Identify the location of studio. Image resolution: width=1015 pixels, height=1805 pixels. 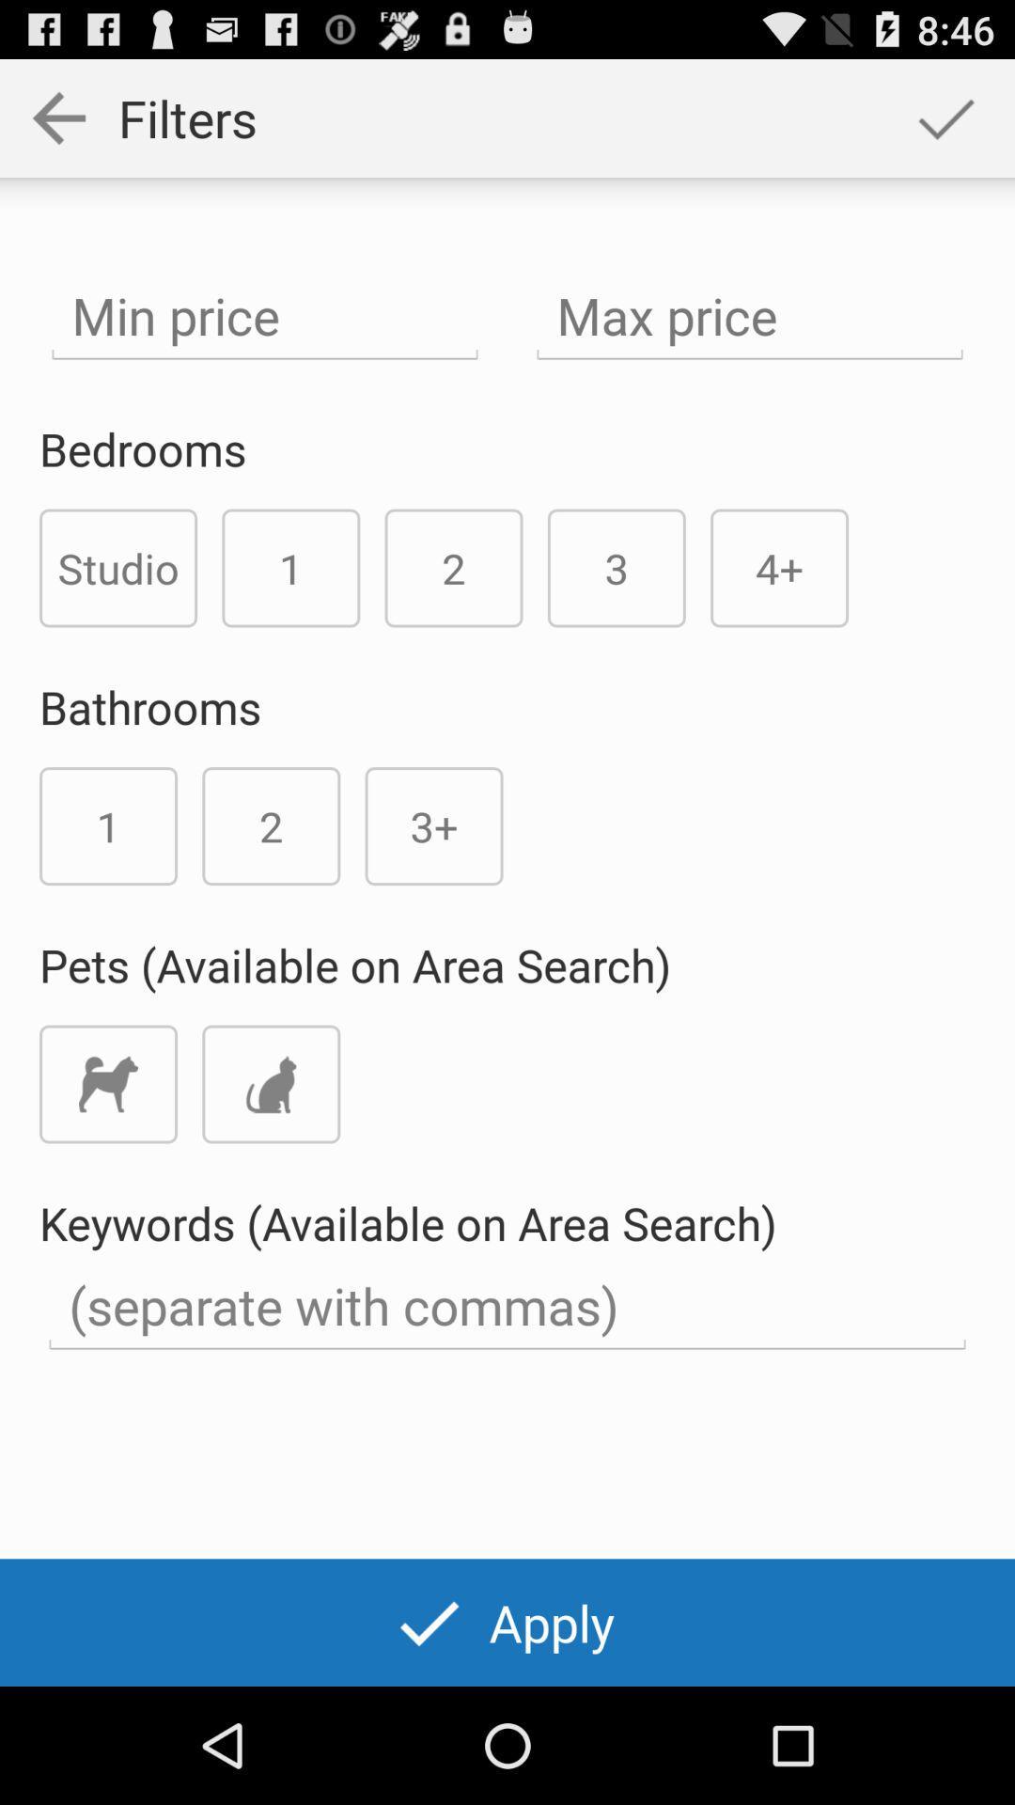
(118, 567).